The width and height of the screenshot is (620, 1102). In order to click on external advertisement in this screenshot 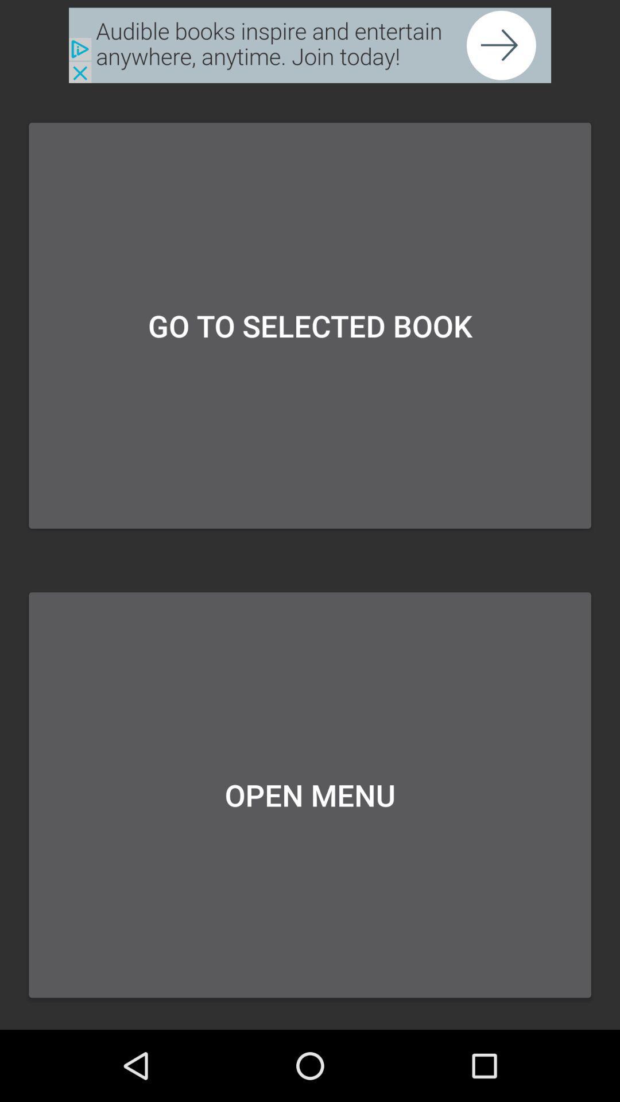, I will do `click(310, 45)`.